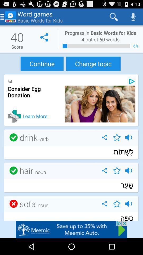  I want to click on learn more, so click(15, 116).